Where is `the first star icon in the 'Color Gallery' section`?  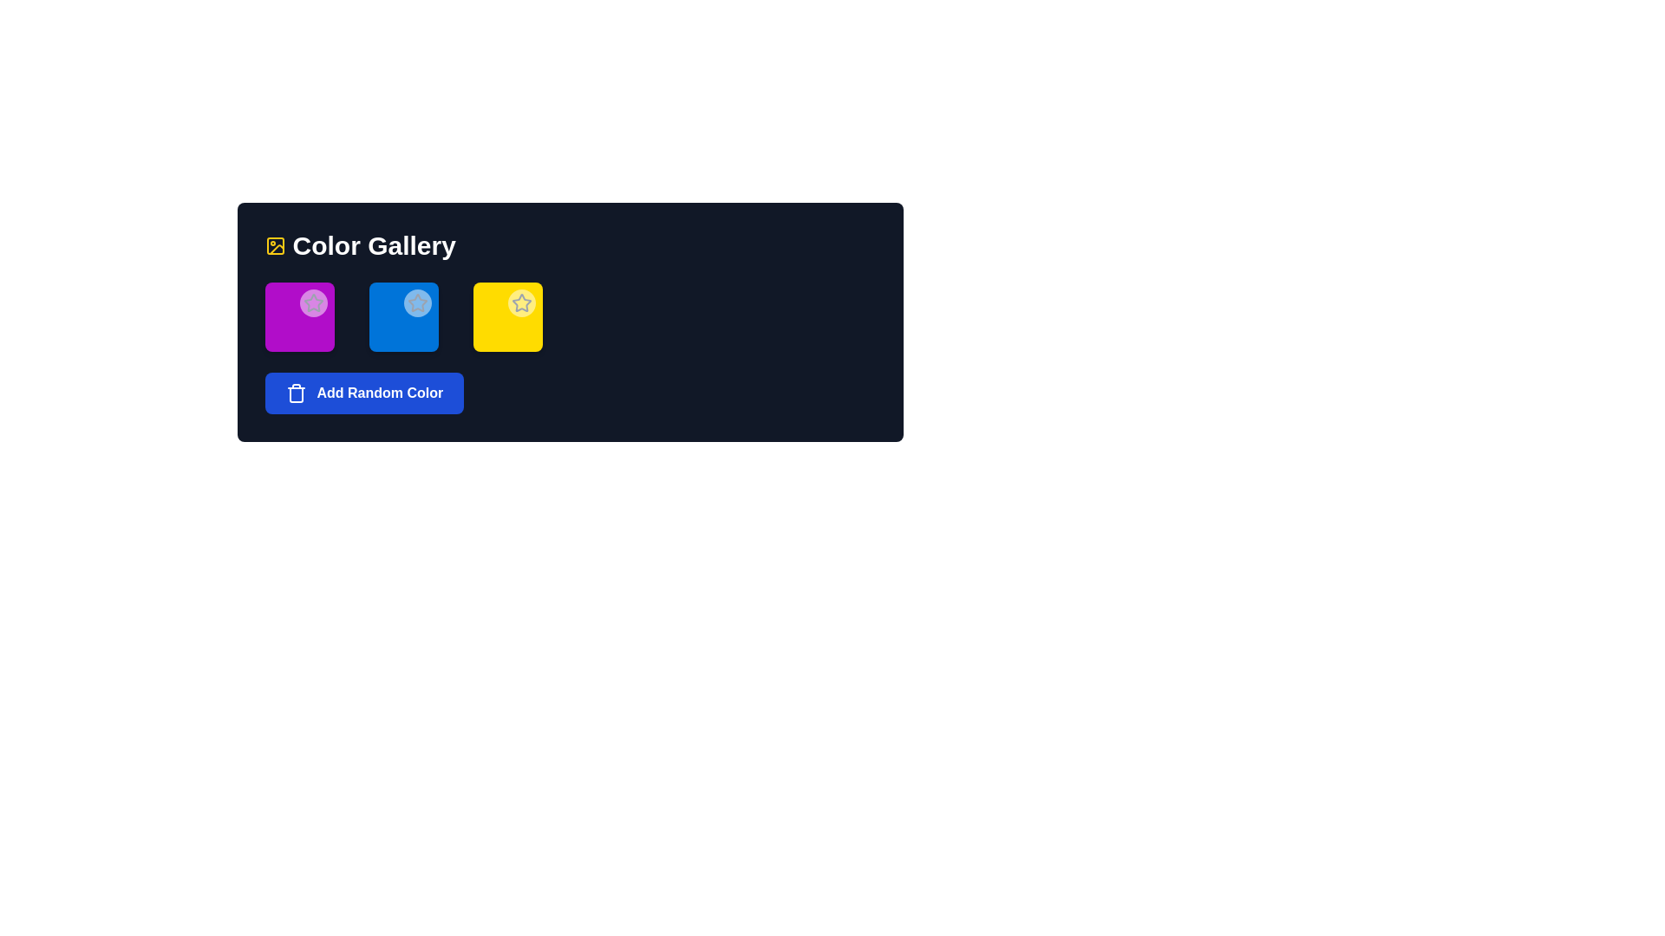 the first star icon in the 'Color Gallery' section is located at coordinates (313, 302).